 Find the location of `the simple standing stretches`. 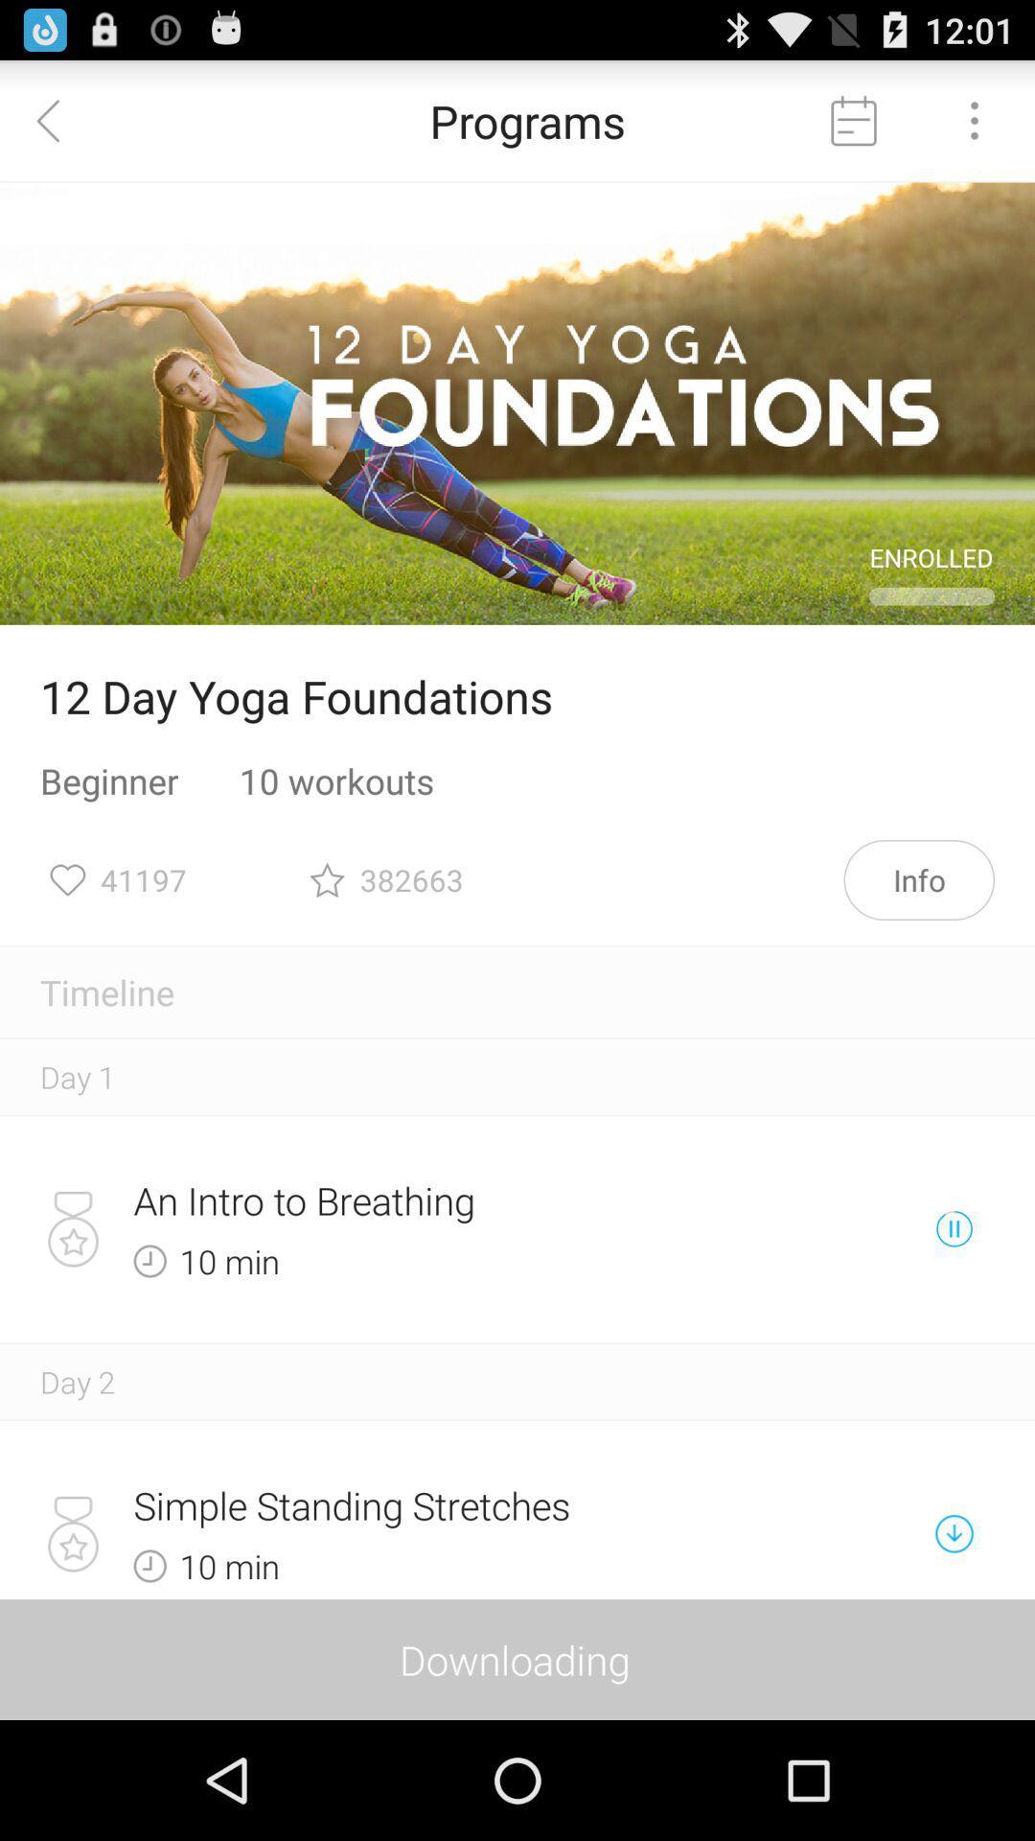

the simple standing stretches is located at coordinates (450, 1504).